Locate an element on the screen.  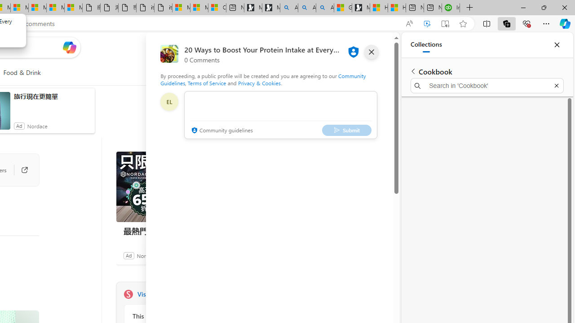
'Submit' is located at coordinates (346, 130).